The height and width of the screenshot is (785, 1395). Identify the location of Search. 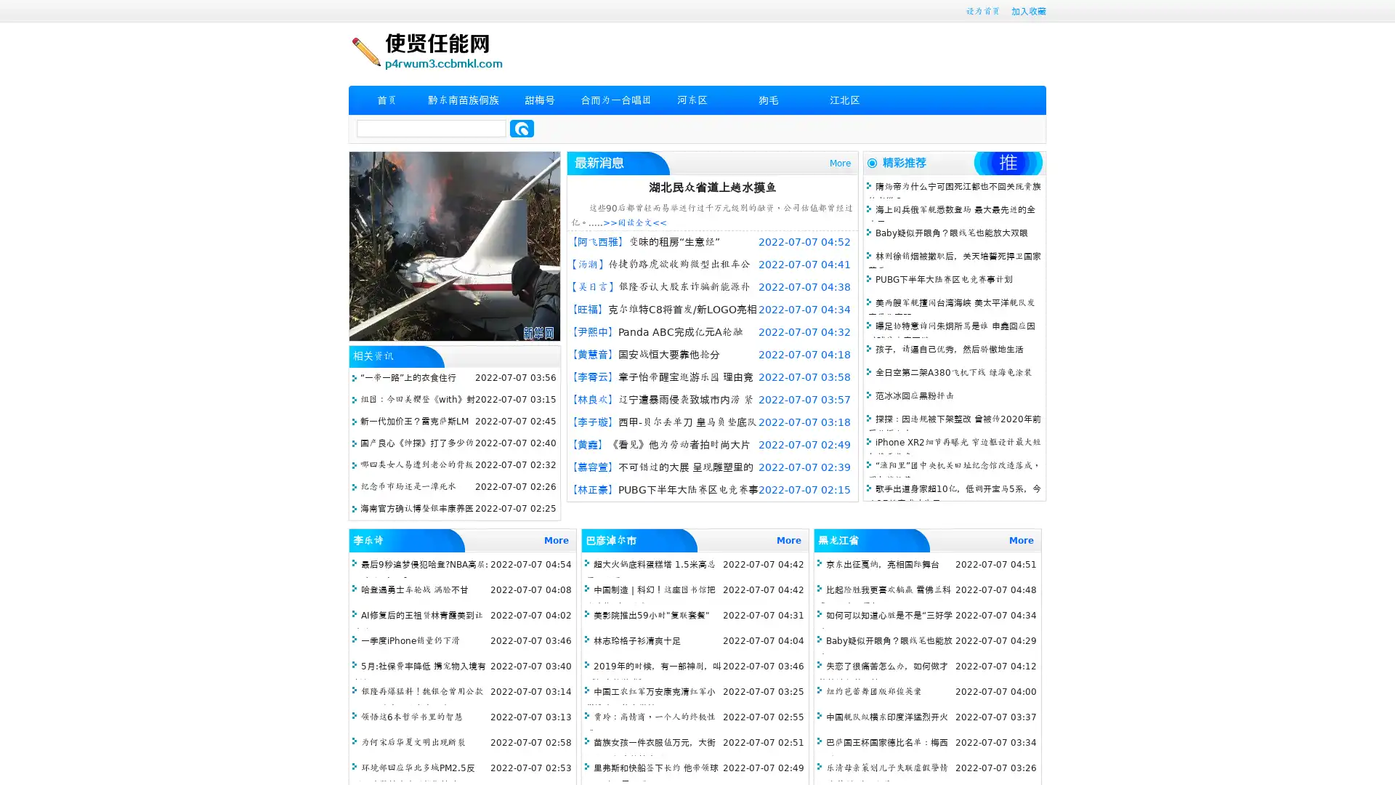
(522, 128).